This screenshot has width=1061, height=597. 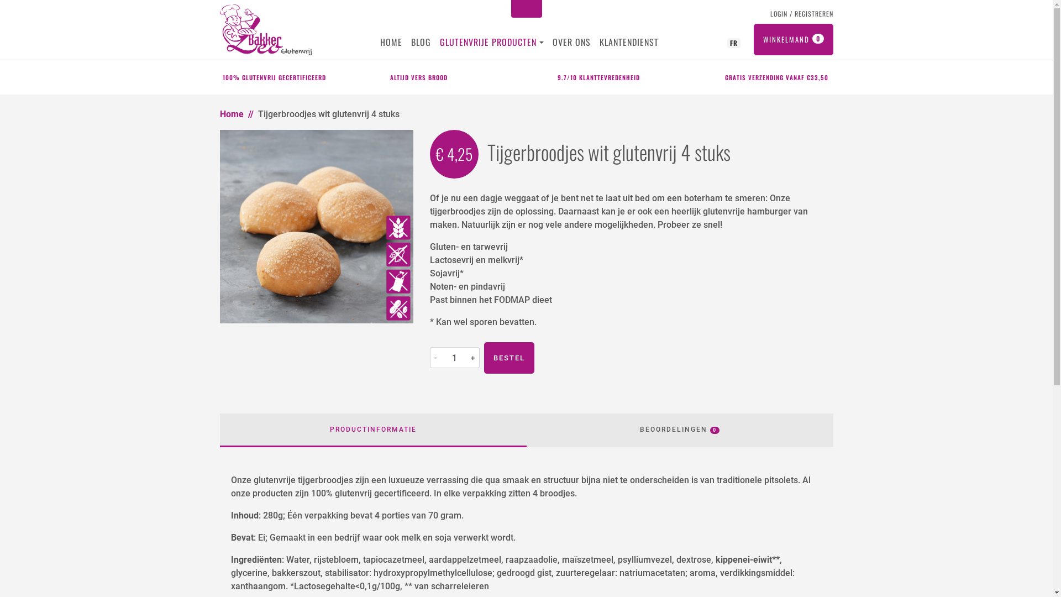 What do you see at coordinates (373, 430) in the screenshot?
I see `'PRODUCTINFORMATIE'` at bounding box center [373, 430].